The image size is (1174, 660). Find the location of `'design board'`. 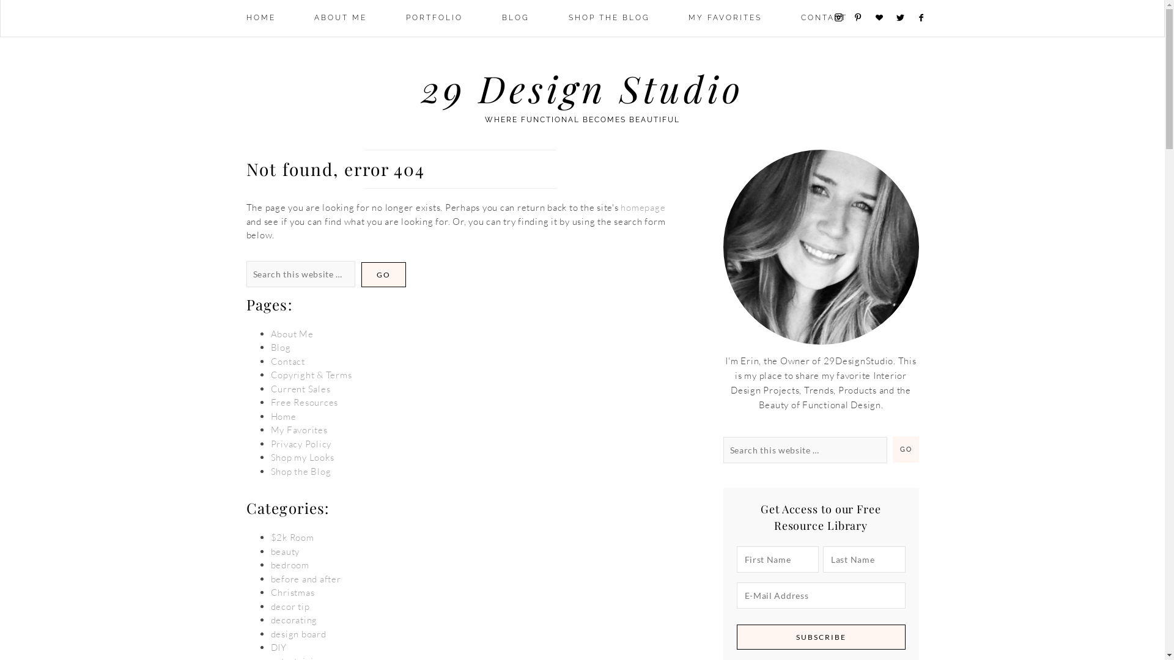

'design board' is located at coordinates (298, 633).